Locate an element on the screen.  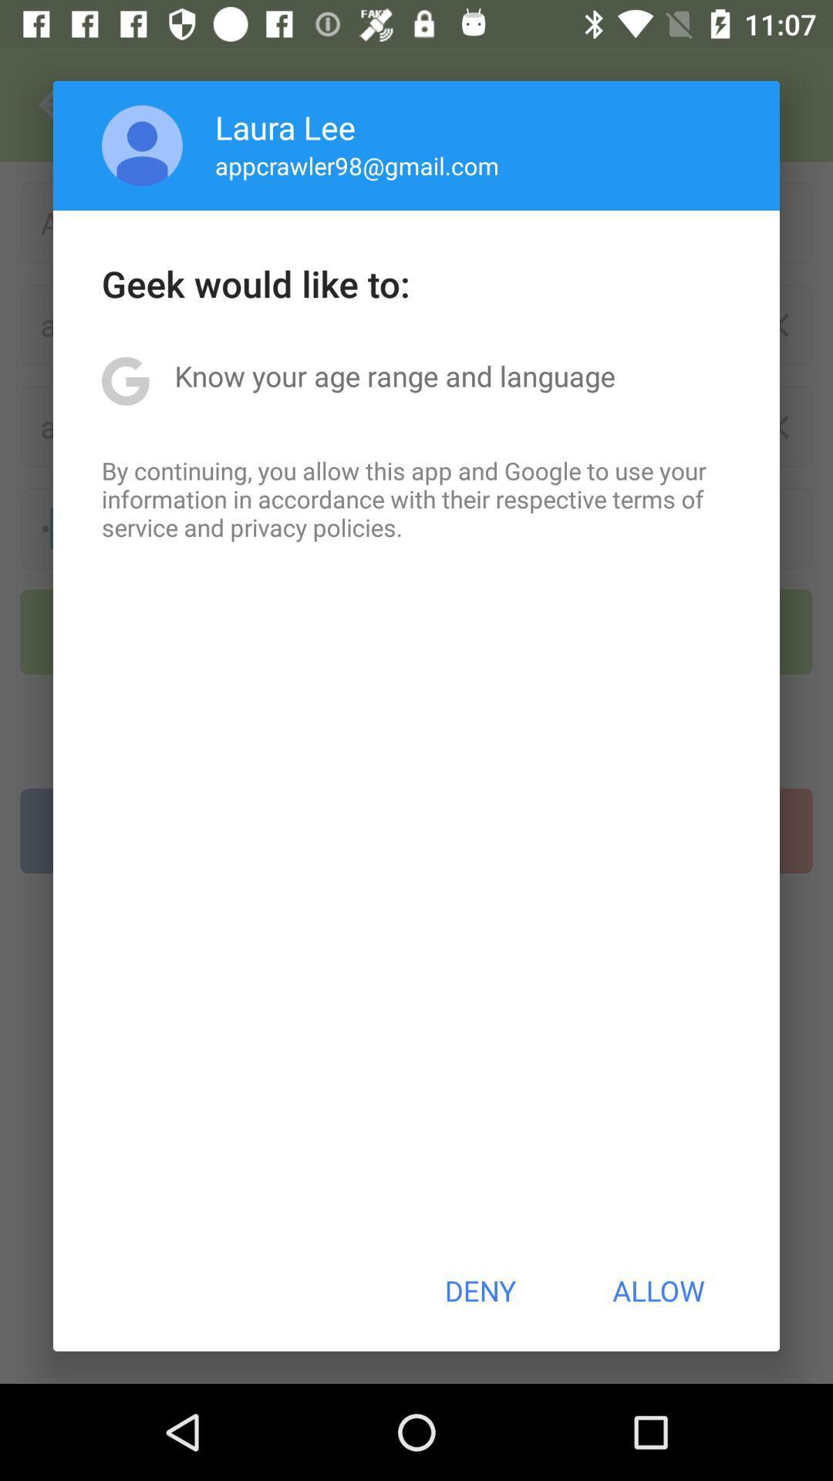
the know your age app is located at coordinates (394, 376).